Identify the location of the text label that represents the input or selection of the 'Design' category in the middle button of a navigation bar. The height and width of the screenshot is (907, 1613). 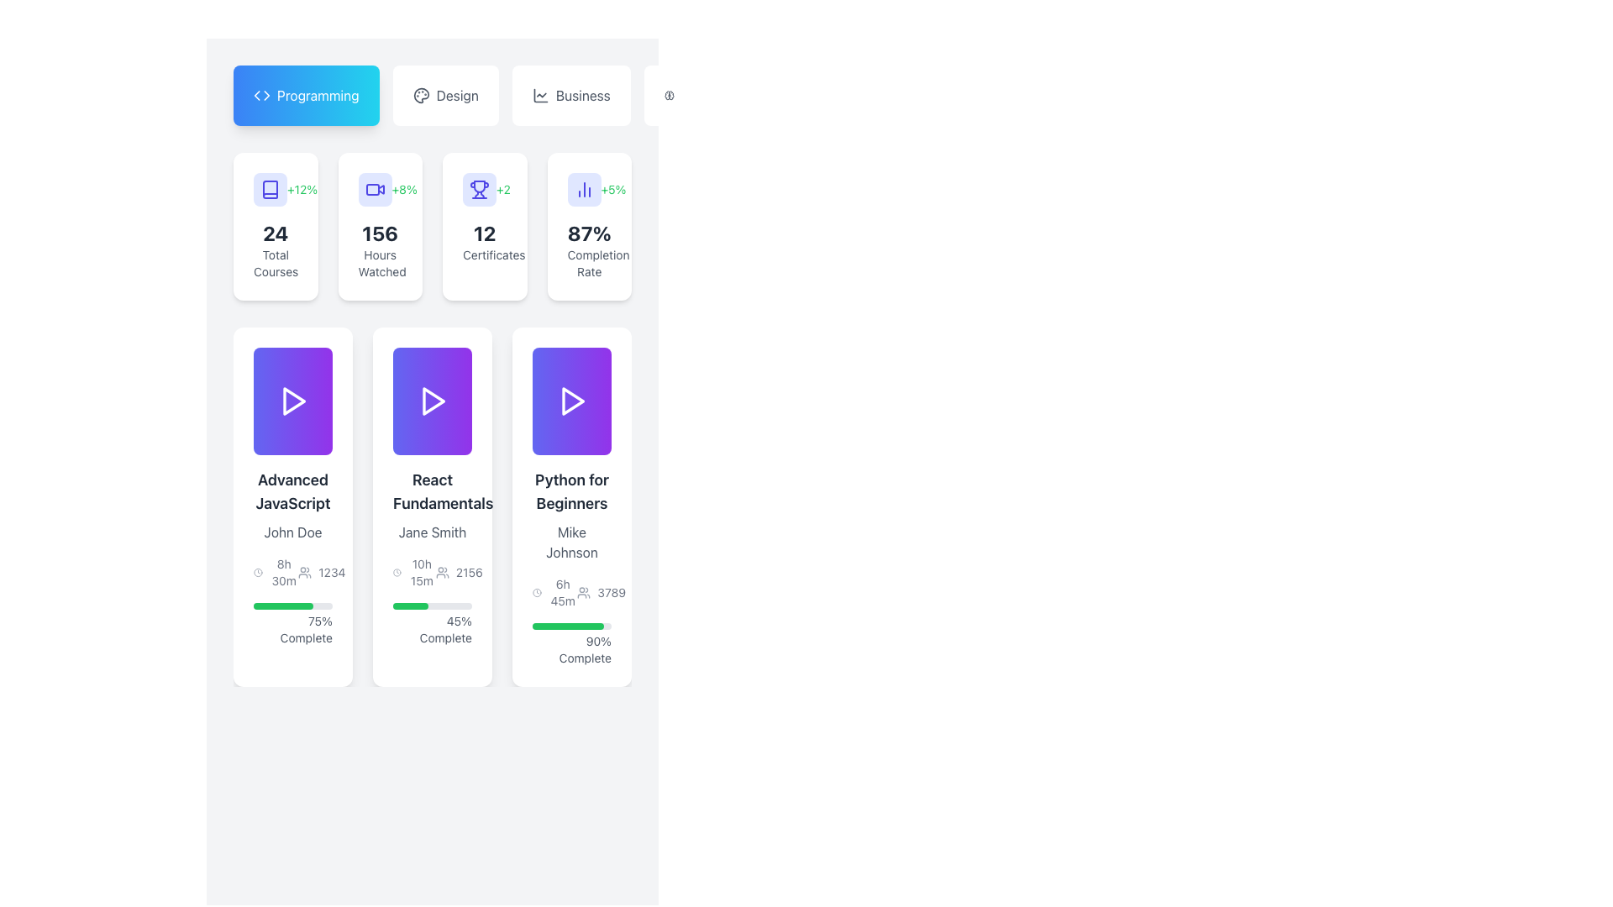
(457, 96).